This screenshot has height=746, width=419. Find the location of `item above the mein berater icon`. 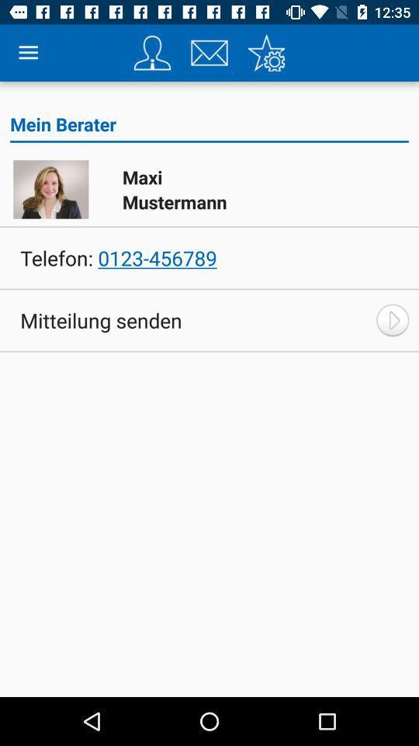

item above the mein berater icon is located at coordinates (209, 53).